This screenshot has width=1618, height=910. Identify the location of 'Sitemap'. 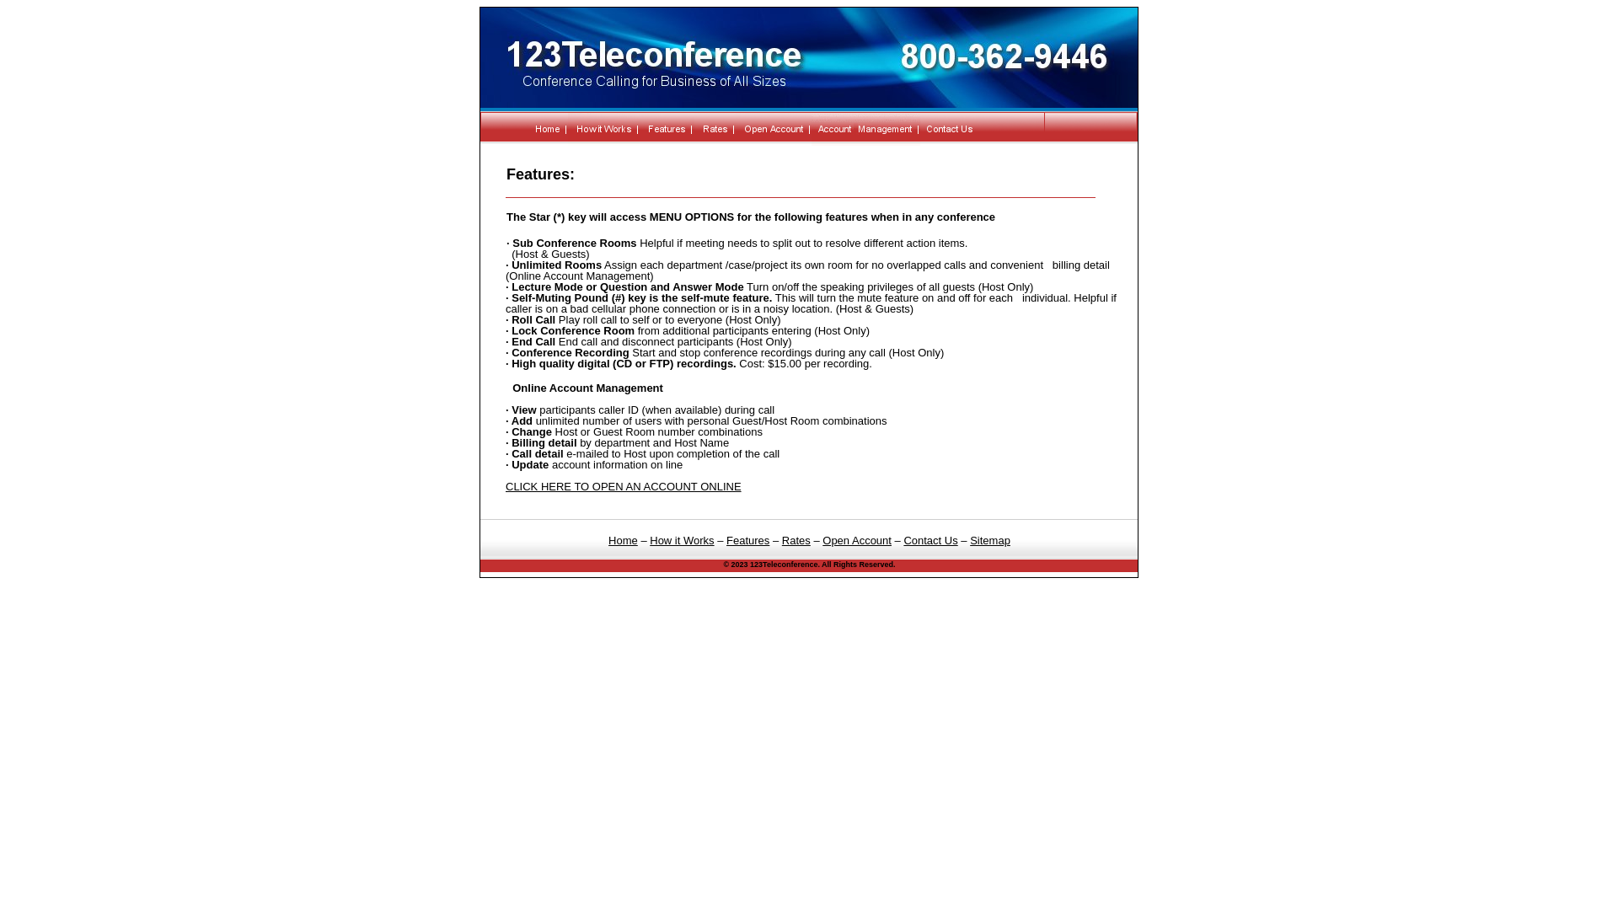
(990, 540).